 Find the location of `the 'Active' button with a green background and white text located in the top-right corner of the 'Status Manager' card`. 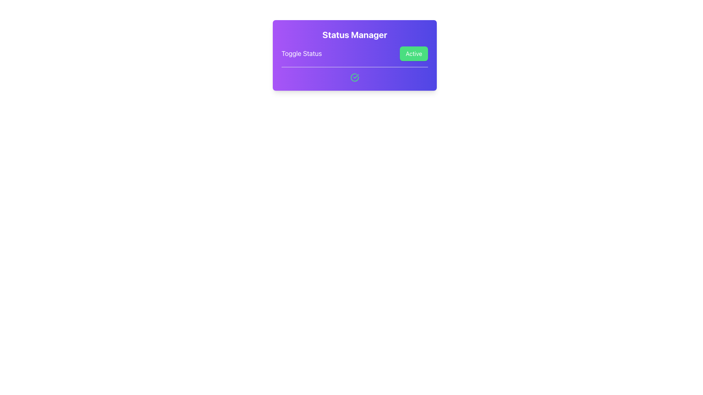

the 'Active' button with a green background and white text located in the top-right corner of the 'Status Manager' card is located at coordinates (414, 53).